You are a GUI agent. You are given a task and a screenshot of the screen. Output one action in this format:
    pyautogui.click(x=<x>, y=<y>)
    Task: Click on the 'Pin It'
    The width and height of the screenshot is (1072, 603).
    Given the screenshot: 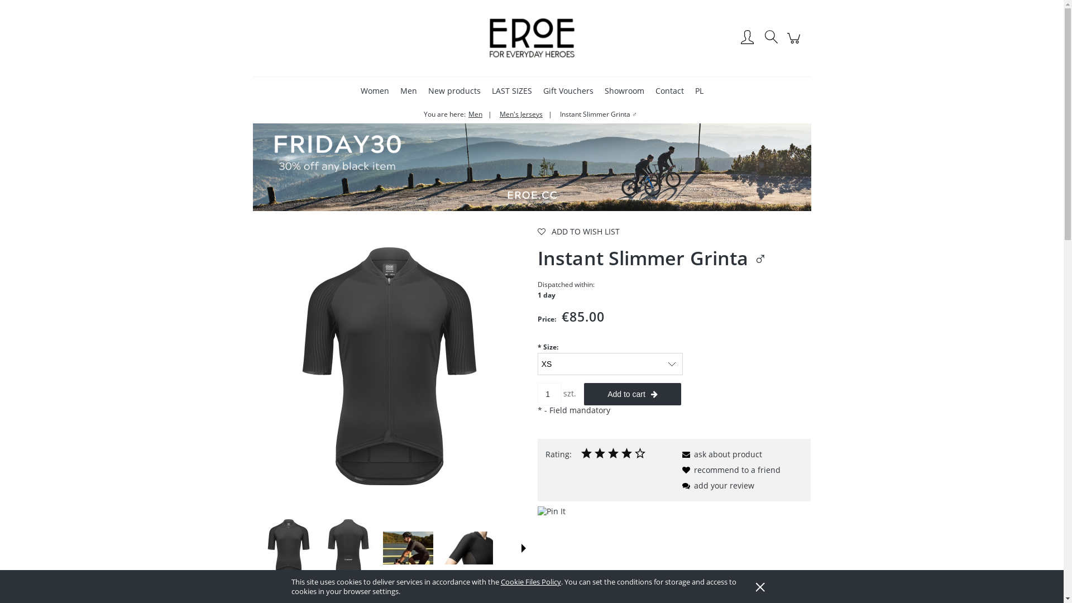 What is the action you would take?
    pyautogui.click(x=552, y=511)
    